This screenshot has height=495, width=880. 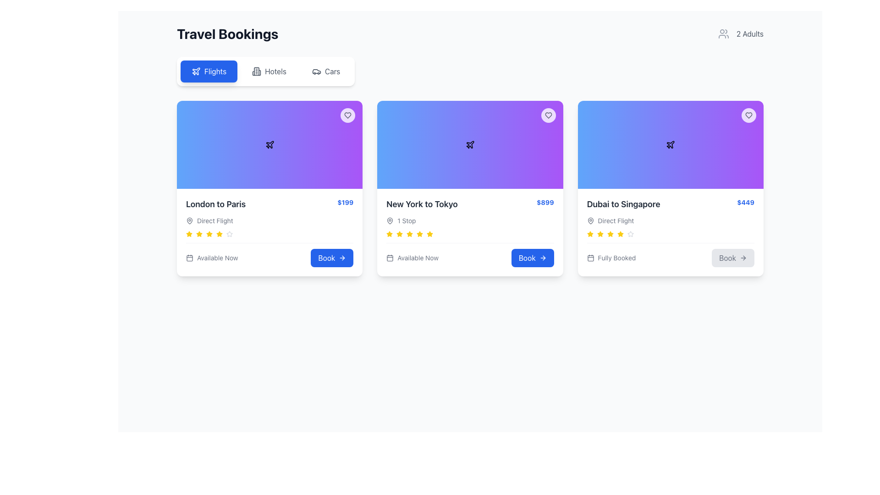 I want to click on the aircraft icon outlined in a rounded style, which is located centrally within the second card from the left in the travel booking interface, so click(x=470, y=144).